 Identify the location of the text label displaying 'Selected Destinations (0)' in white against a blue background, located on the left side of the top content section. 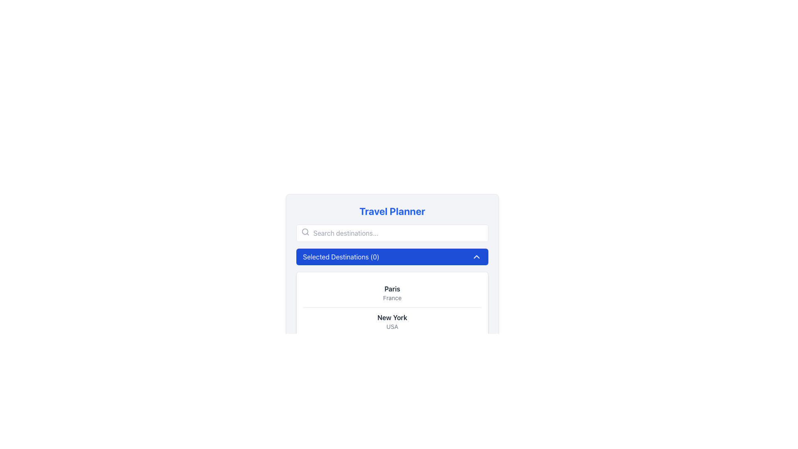
(341, 256).